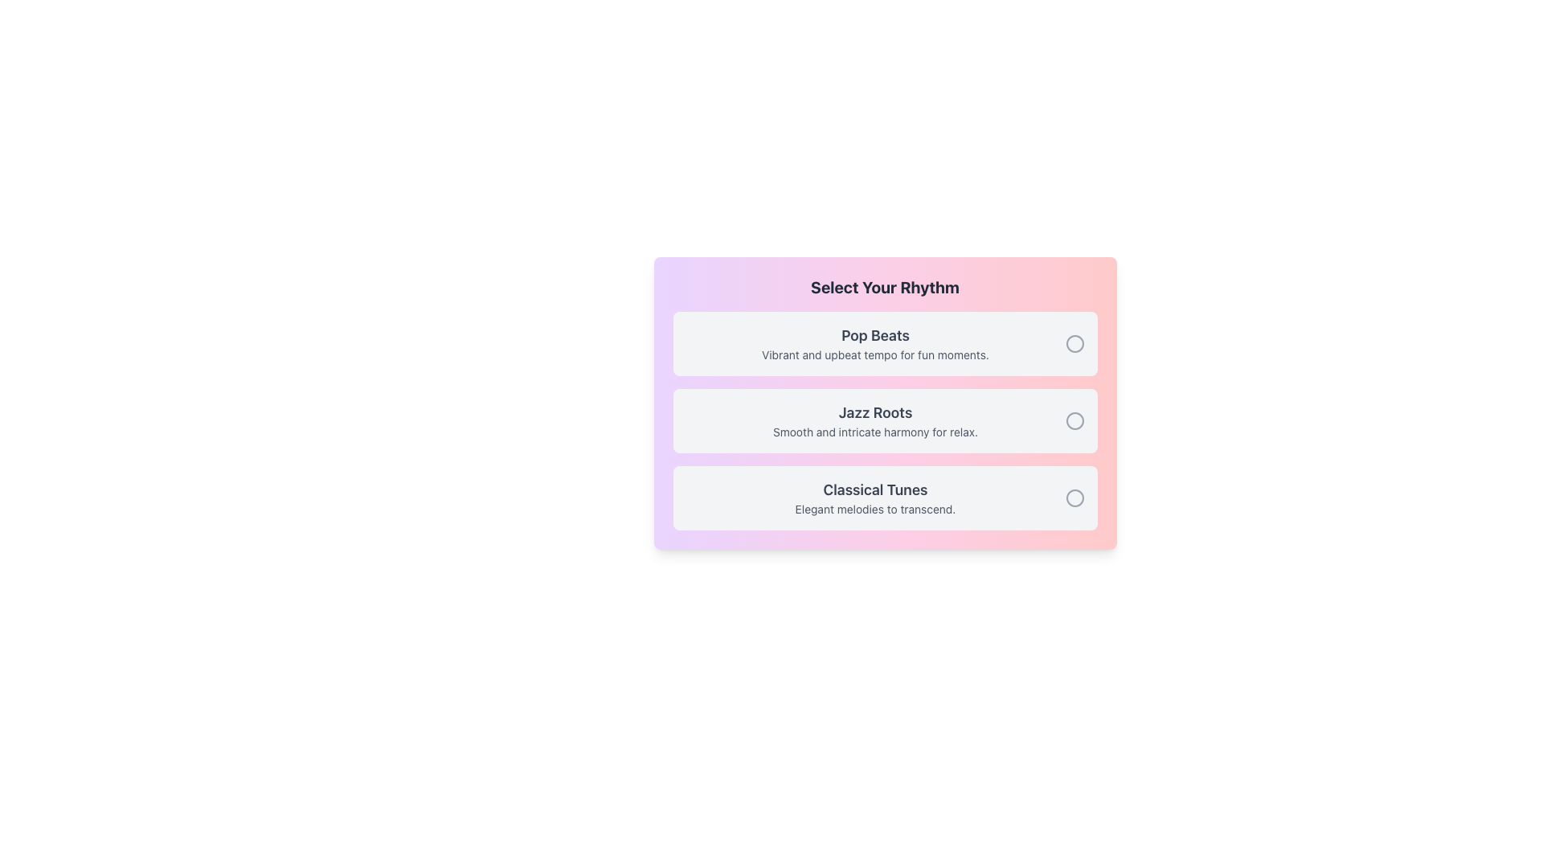  Describe the element at coordinates (884, 420) in the screenshot. I see `the 'Jazz Roots' radio button option card, which is the second card in a vertical list, featuring a light gray background and a bold title` at that location.